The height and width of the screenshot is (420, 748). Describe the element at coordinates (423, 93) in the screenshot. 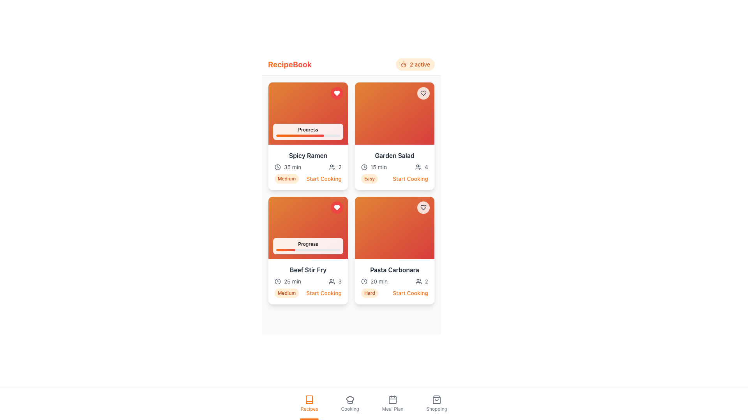

I see `the favorited state icon located at the top-right corner of the 'Spicy Ramen' card` at that location.